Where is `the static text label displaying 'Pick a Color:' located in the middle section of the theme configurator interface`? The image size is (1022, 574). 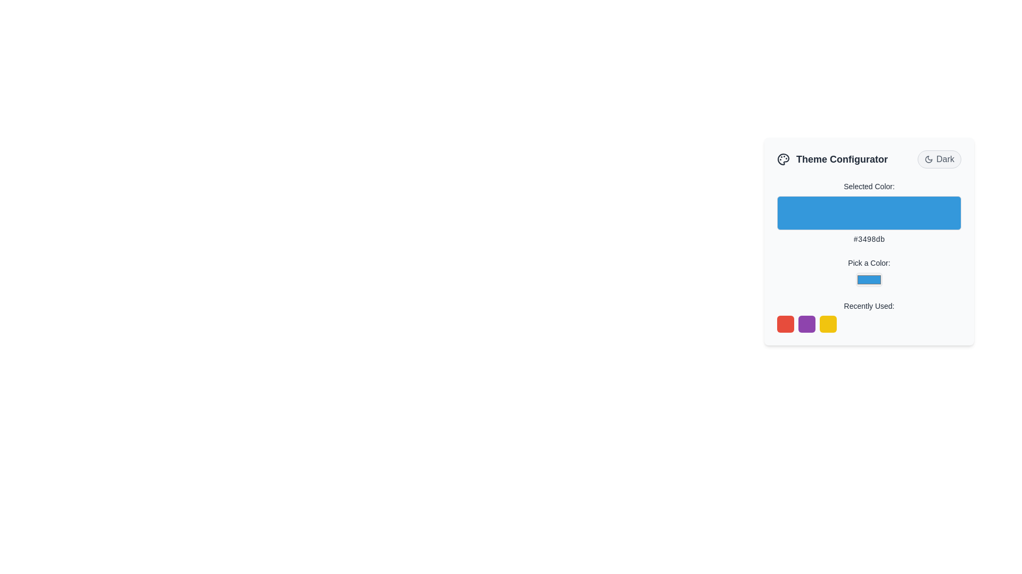 the static text label displaying 'Pick a Color:' located in the middle section of the theme configurator interface is located at coordinates (869, 263).